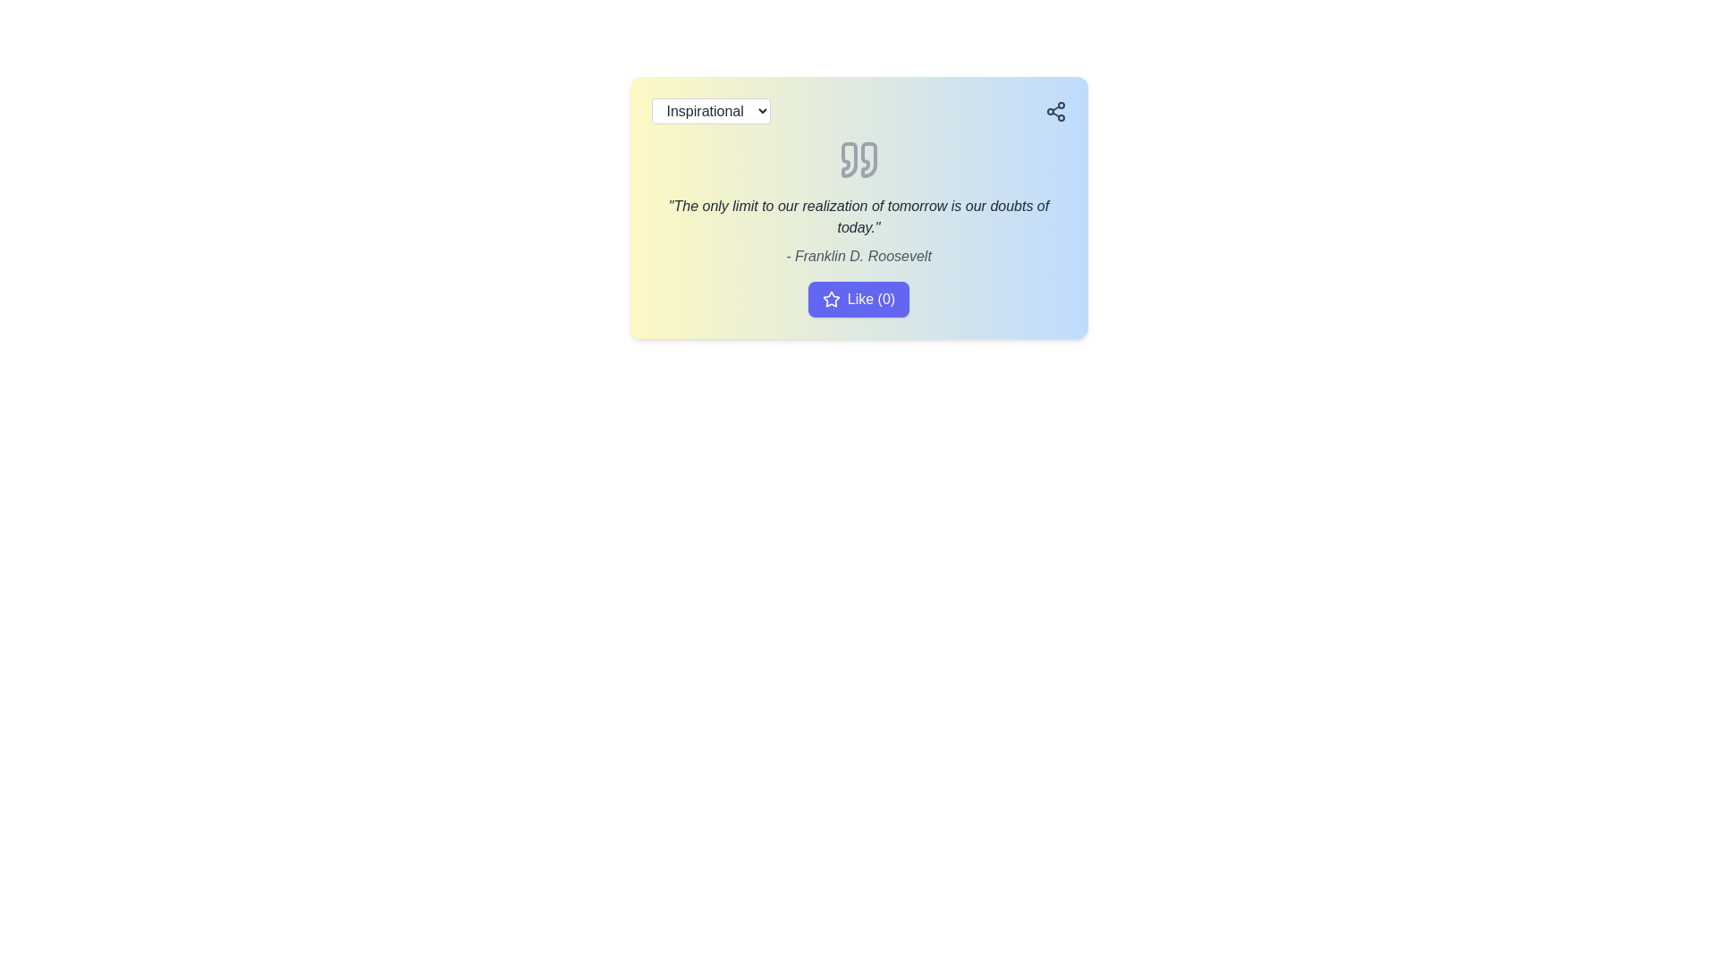 This screenshot has height=966, width=1717. Describe the element at coordinates (858, 299) in the screenshot. I see `the 'Like' button located at the bottom of the quote card to express appreciation for the displayed quote` at that location.